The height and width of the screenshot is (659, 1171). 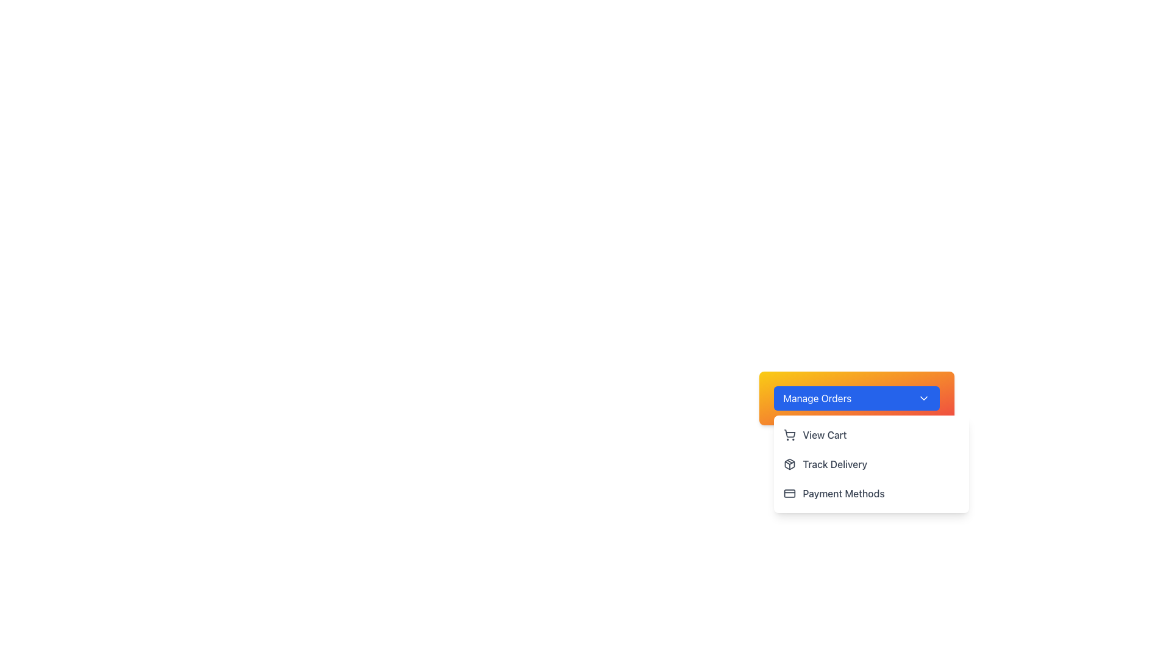 What do you see at coordinates (789, 433) in the screenshot?
I see `the shopping cart icon located at the top left corner of the functionality icons` at bounding box center [789, 433].